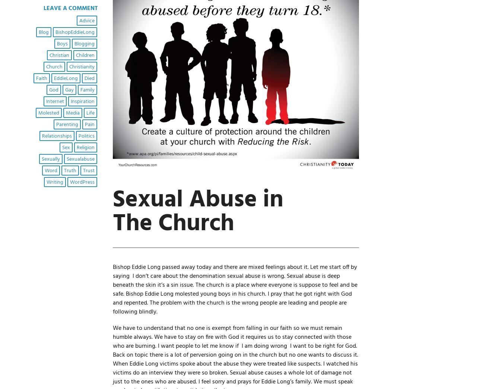 The width and height of the screenshot is (499, 389). Describe the element at coordinates (69, 89) in the screenshot. I see `'gay'` at that location.